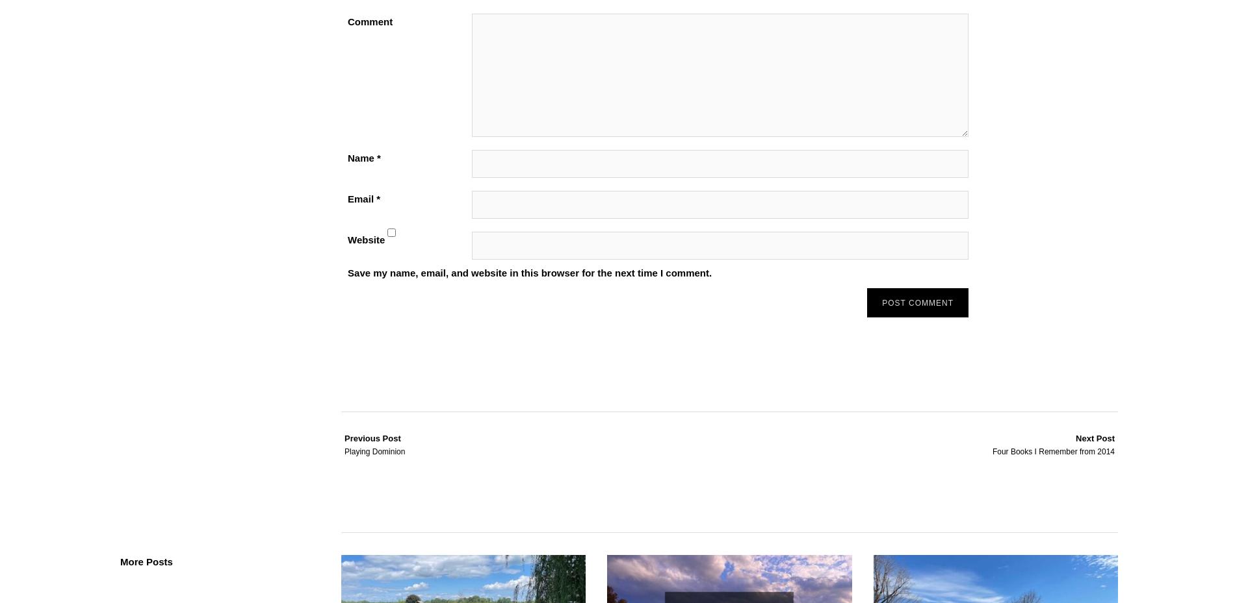  What do you see at coordinates (362, 156) in the screenshot?
I see `'Name'` at bounding box center [362, 156].